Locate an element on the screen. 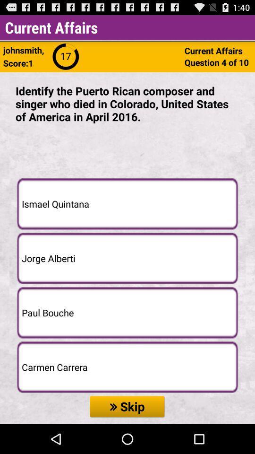  paul bouche is located at coordinates (127, 313).